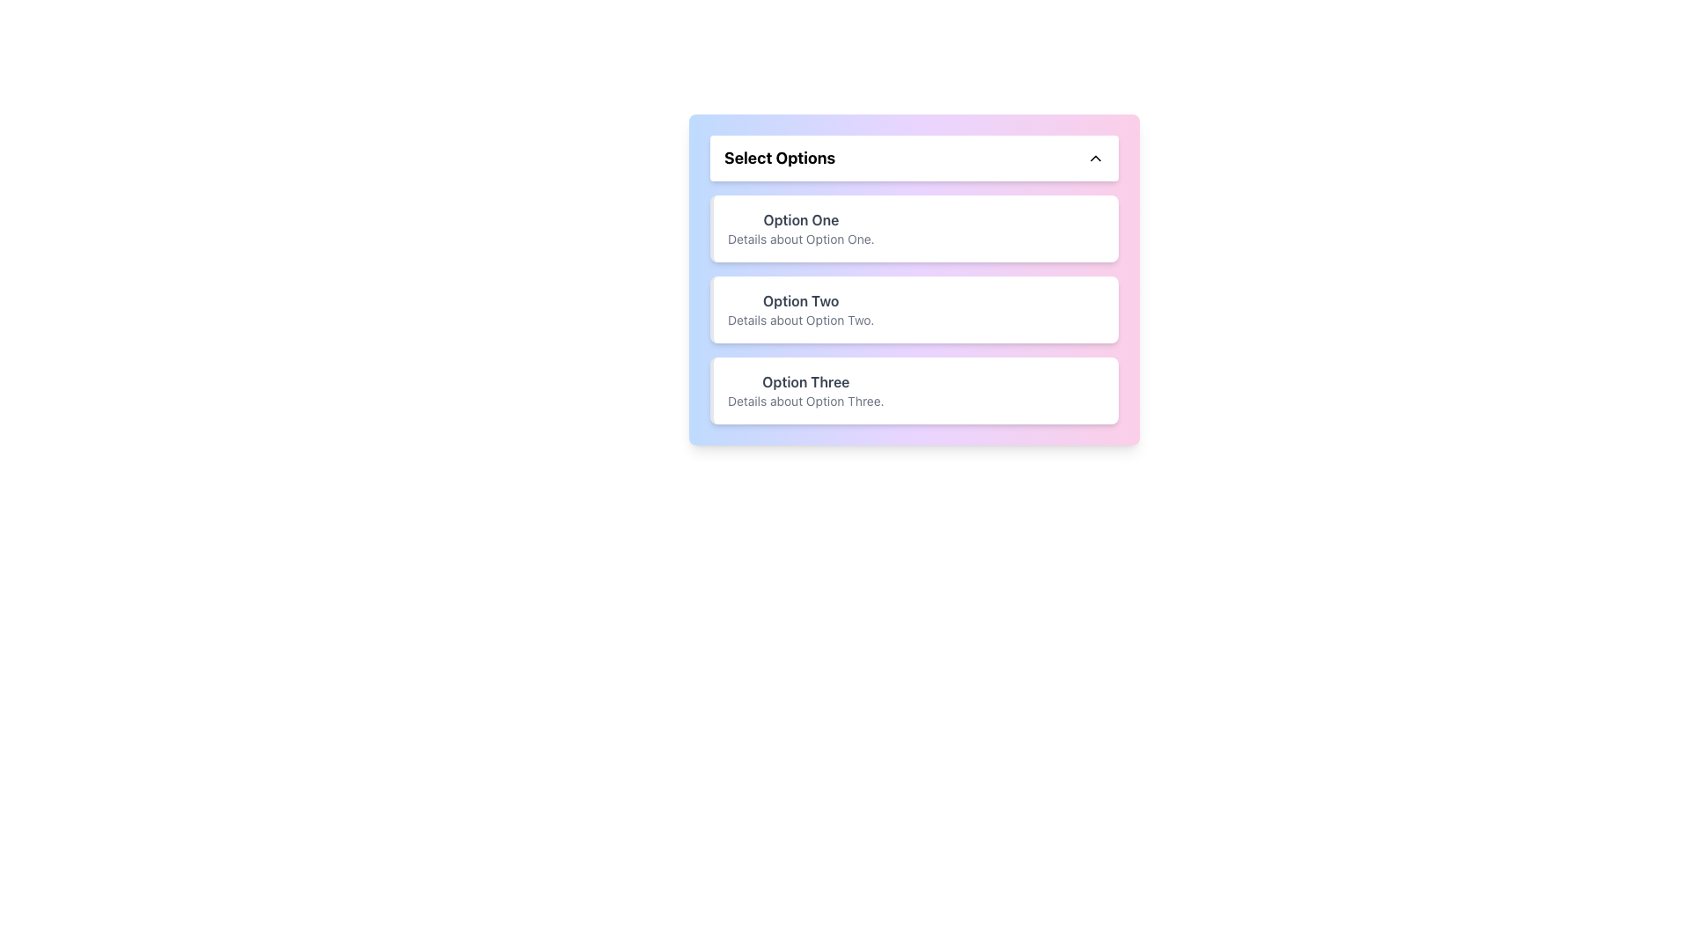  Describe the element at coordinates (1094, 158) in the screenshot. I see `the upward-pointing chevron icon located to the far right of the 'Select Options' header` at that location.